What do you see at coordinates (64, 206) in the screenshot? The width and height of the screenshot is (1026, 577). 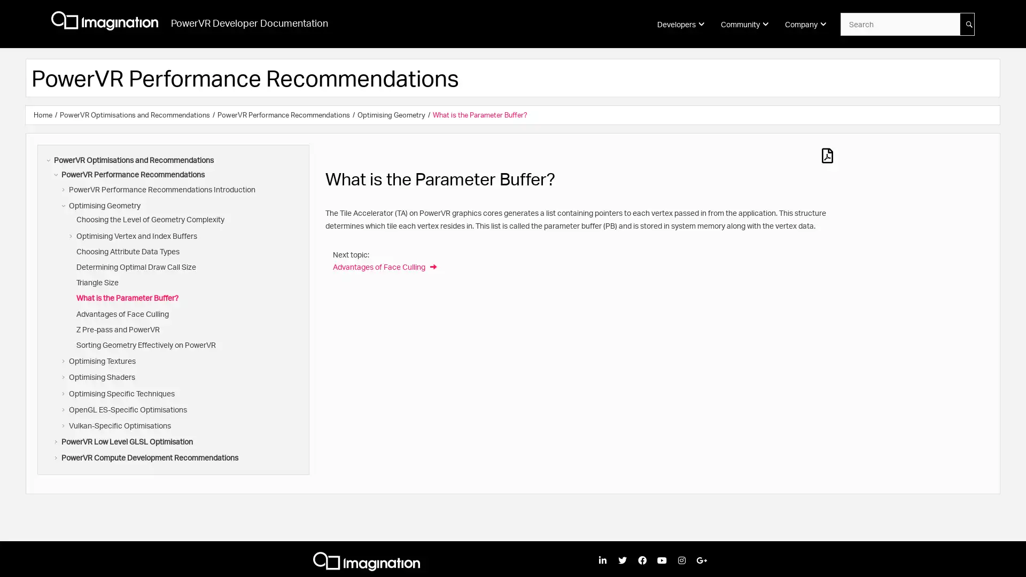 I see `Collapse Optimising Geometry` at bounding box center [64, 206].